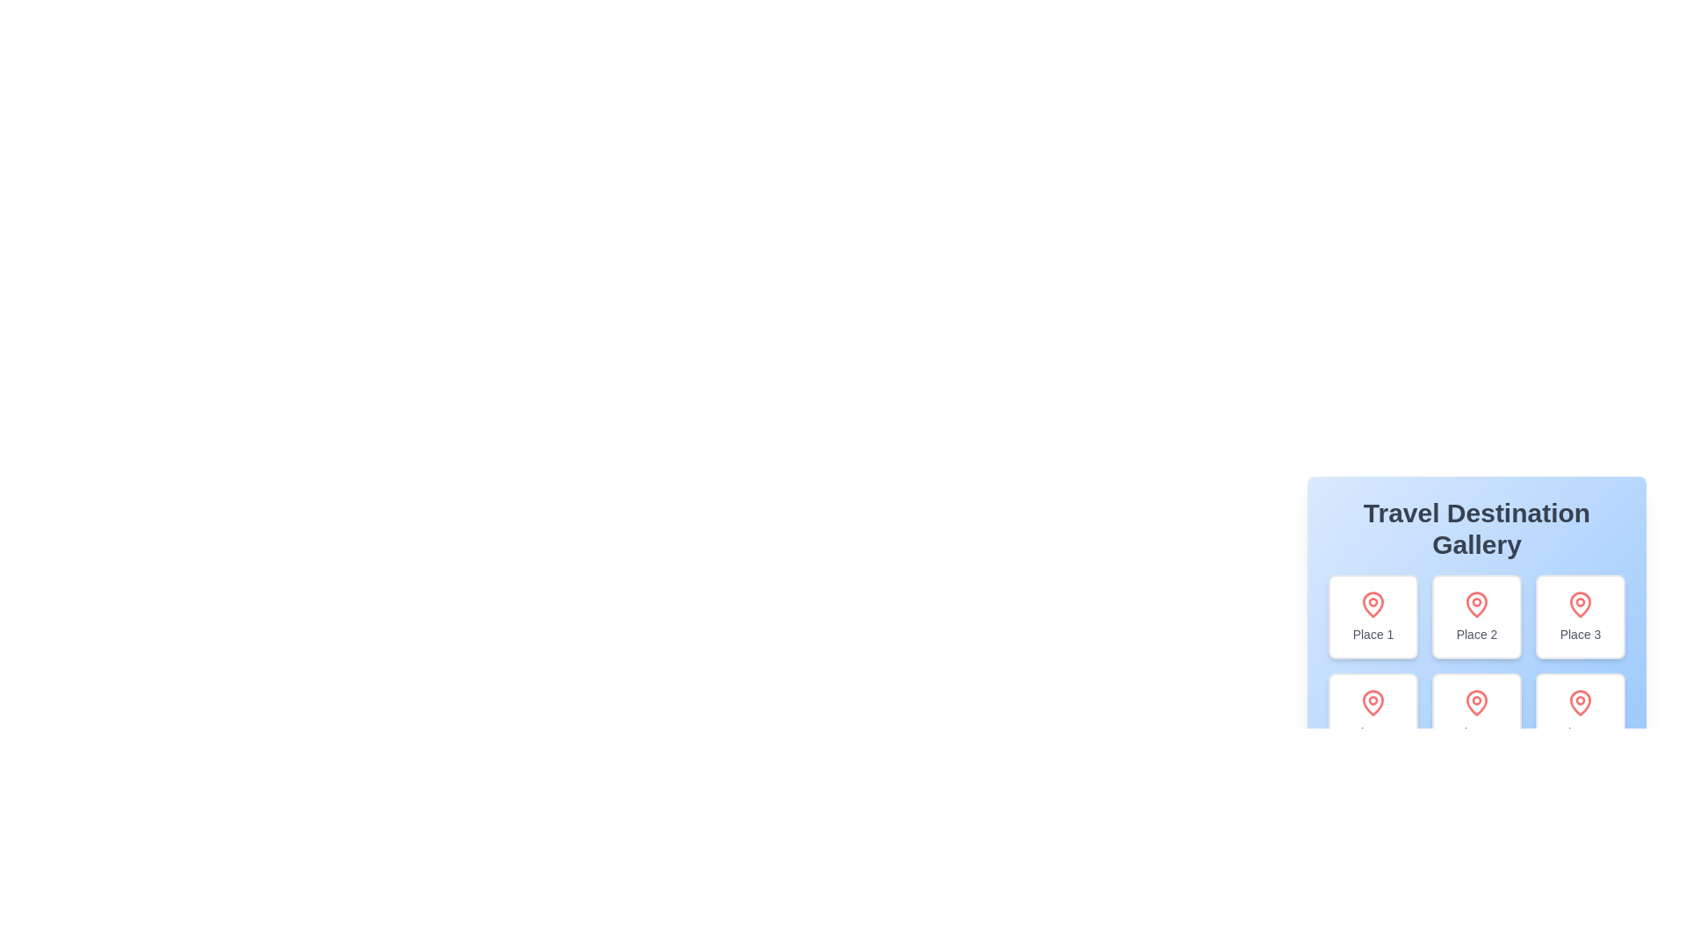  What do you see at coordinates (1581, 715) in the screenshot?
I see `the selectable card located in the third column of the second row under the 'Travel Destination Gallery' heading` at bounding box center [1581, 715].